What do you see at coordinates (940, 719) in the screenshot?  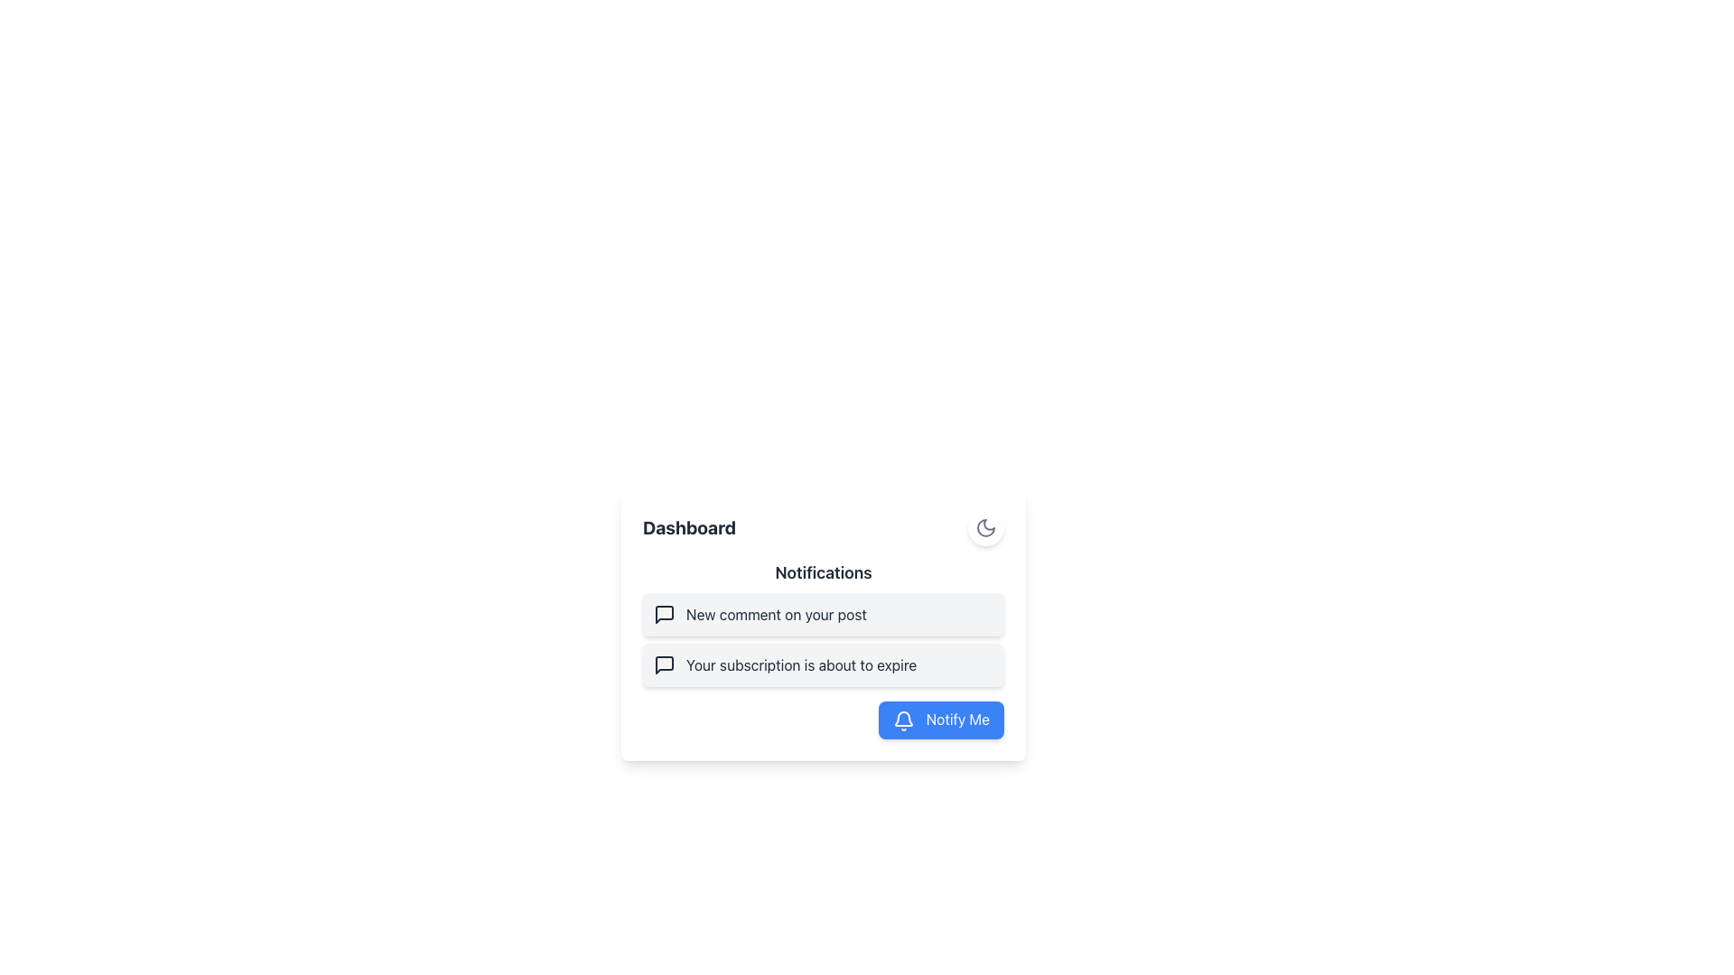 I see `the 'Notify Me' button with a blue background and a bell icon located at the bottom-right corner of the notification panel` at bounding box center [940, 719].